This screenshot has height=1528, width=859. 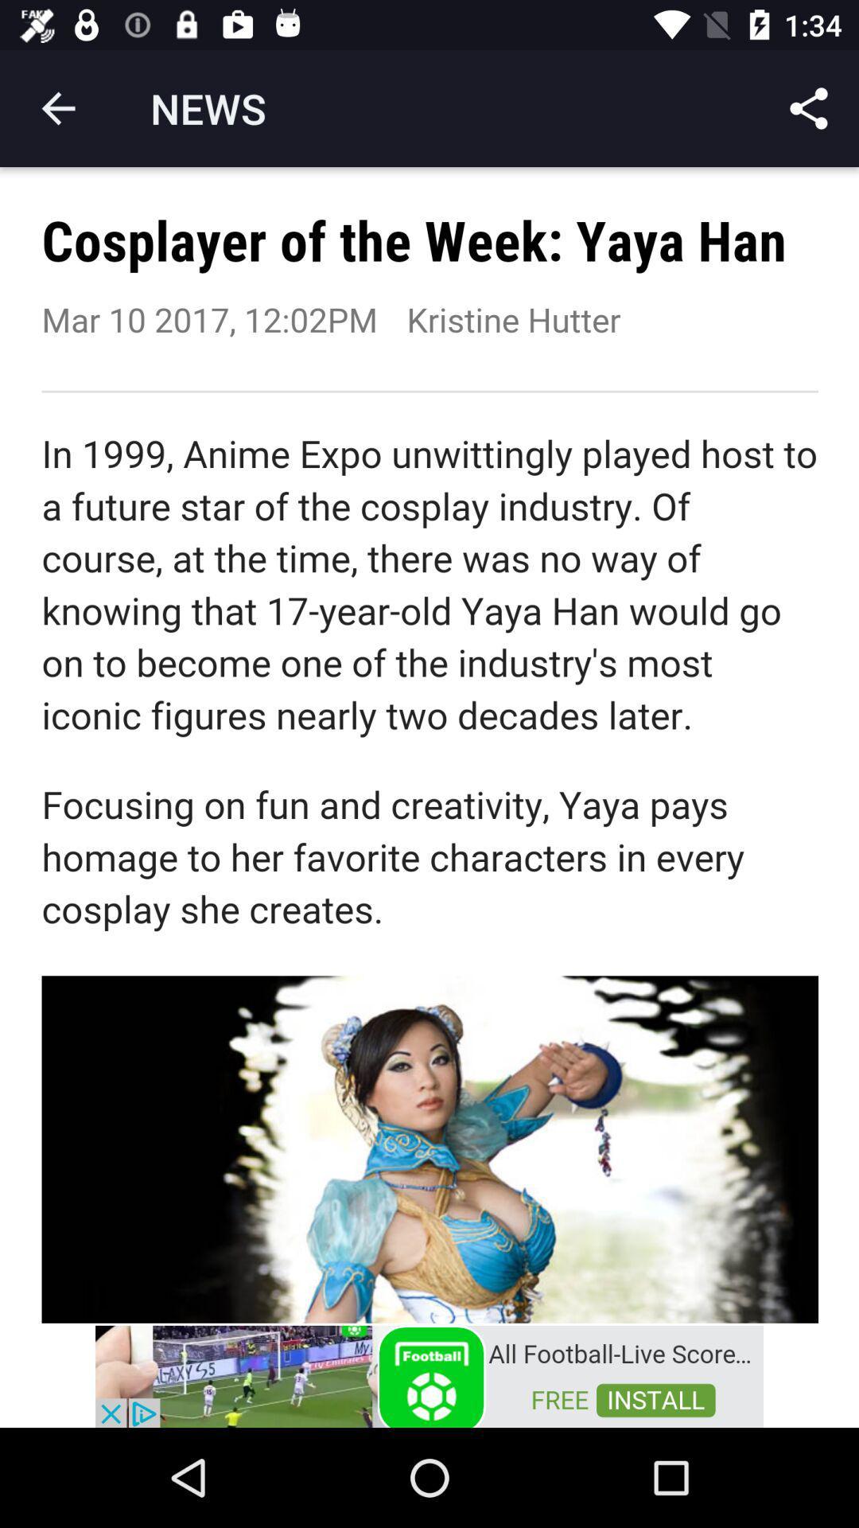 I want to click on news panel, so click(x=429, y=744).